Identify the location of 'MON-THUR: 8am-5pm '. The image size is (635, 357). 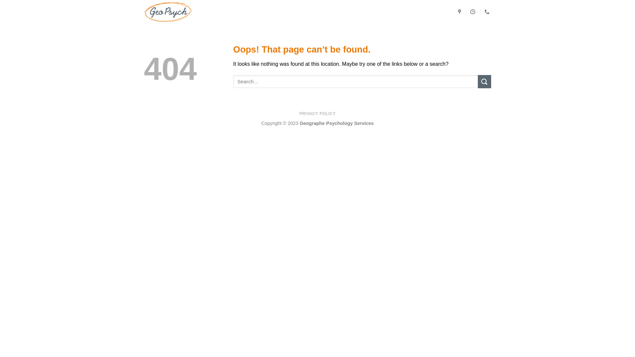
(473, 12).